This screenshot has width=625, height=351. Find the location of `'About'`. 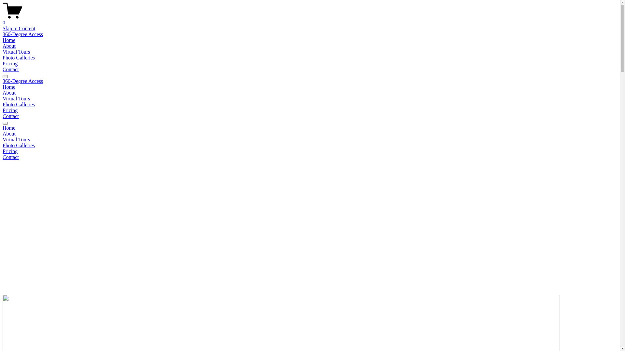

'About' is located at coordinates (9, 45).